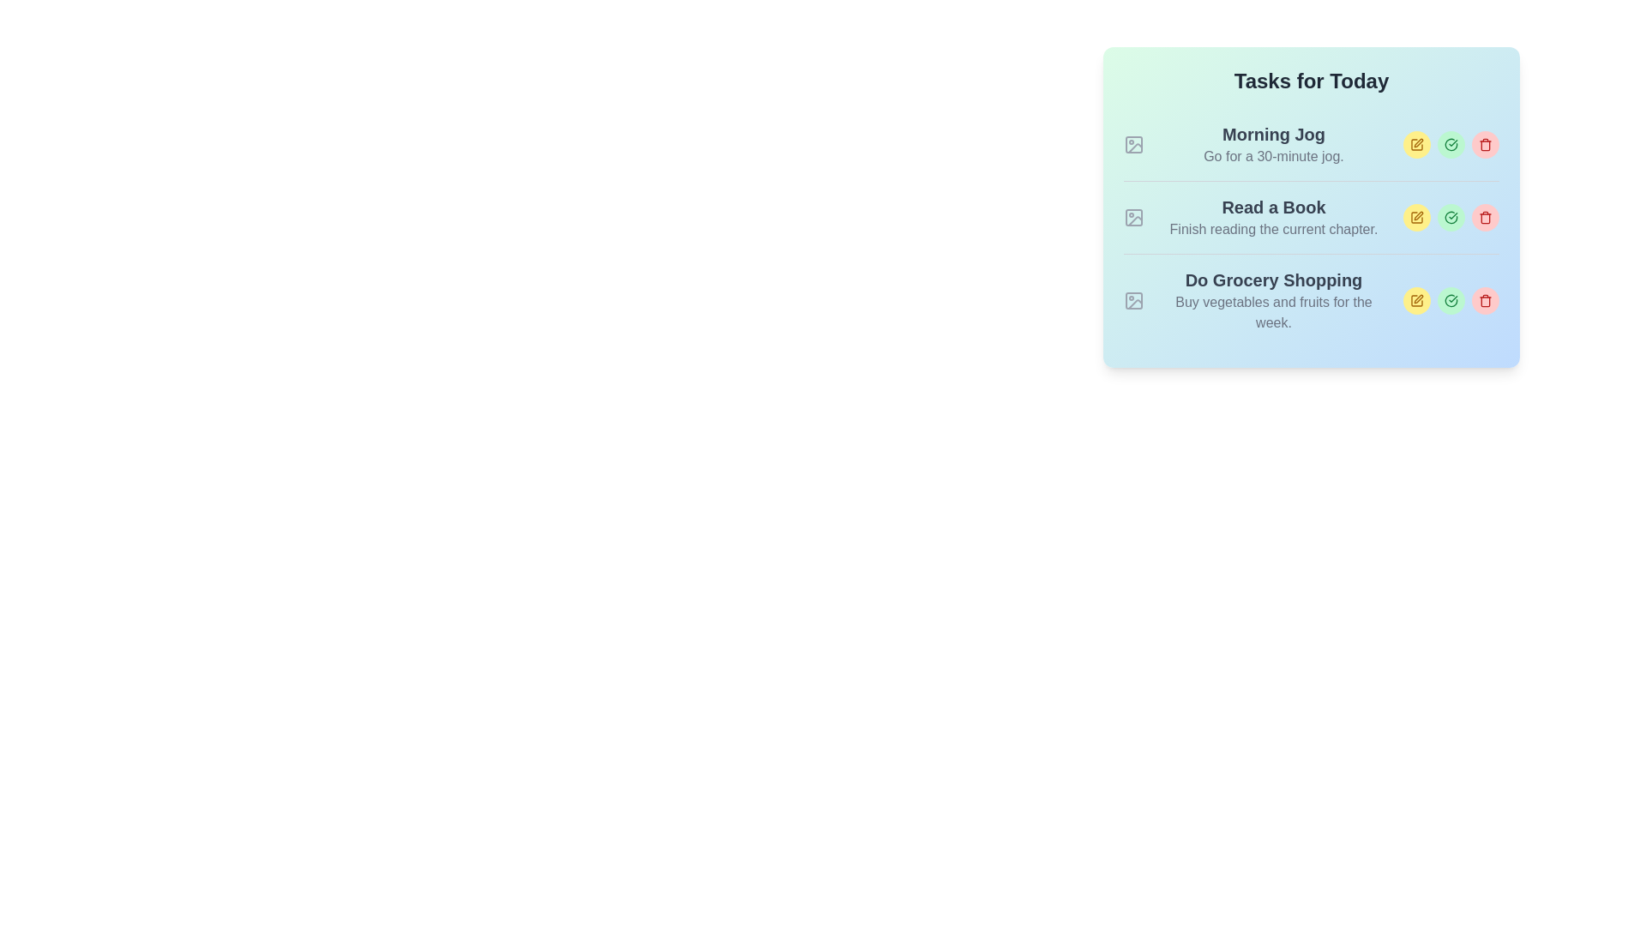 The height and width of the screenshot is (926, 1646). What do you see at coordinates (1274, 156) in the screenshot?
I see `text element containing the phrase 'Go for a 30-minute jog.' located below the title 'Morning Jog' in the task section under 'Tasks for Today'` at bounding box center [1274, 156].